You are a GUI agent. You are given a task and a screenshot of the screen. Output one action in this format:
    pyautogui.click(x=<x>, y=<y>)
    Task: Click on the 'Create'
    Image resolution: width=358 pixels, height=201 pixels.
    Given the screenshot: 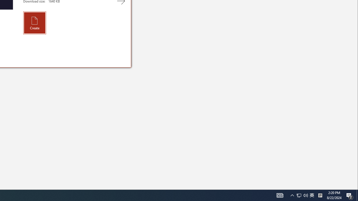 What is the action you would take?
    pyautogui.click(x=34, y=23)
    